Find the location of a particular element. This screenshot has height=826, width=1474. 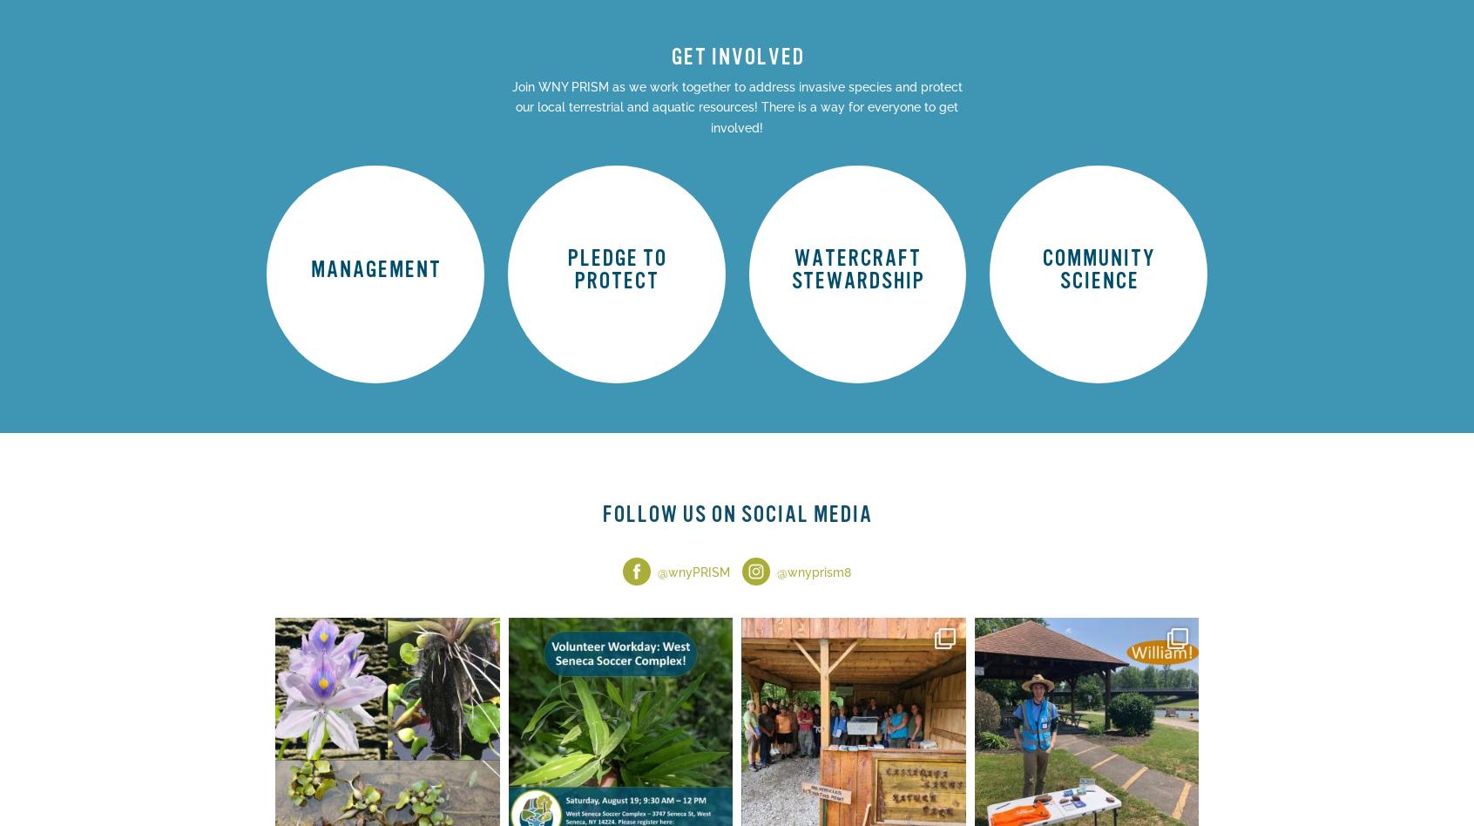

'There is a lot to consider when managing your land – get started here!' is located at coordinates (373, 249).